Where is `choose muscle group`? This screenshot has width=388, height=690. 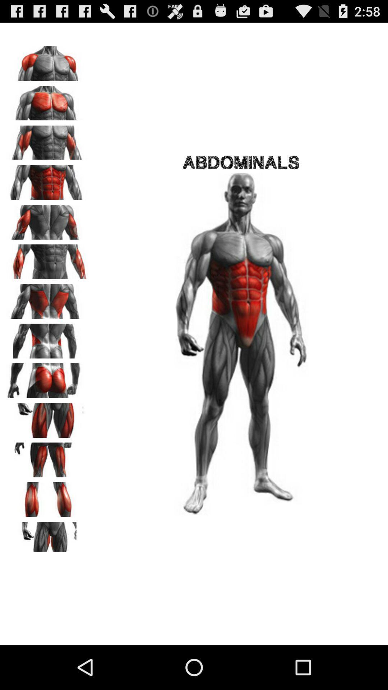 choose muscle group is located at coordinates (47, 497).